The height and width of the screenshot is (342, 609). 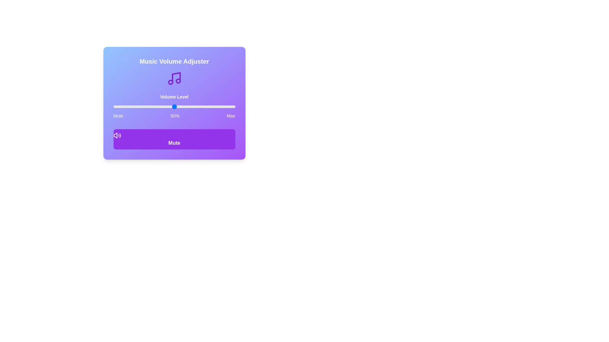 I want to click on mute/unmute button to toggle the mute state, so click(x=174, y=139).